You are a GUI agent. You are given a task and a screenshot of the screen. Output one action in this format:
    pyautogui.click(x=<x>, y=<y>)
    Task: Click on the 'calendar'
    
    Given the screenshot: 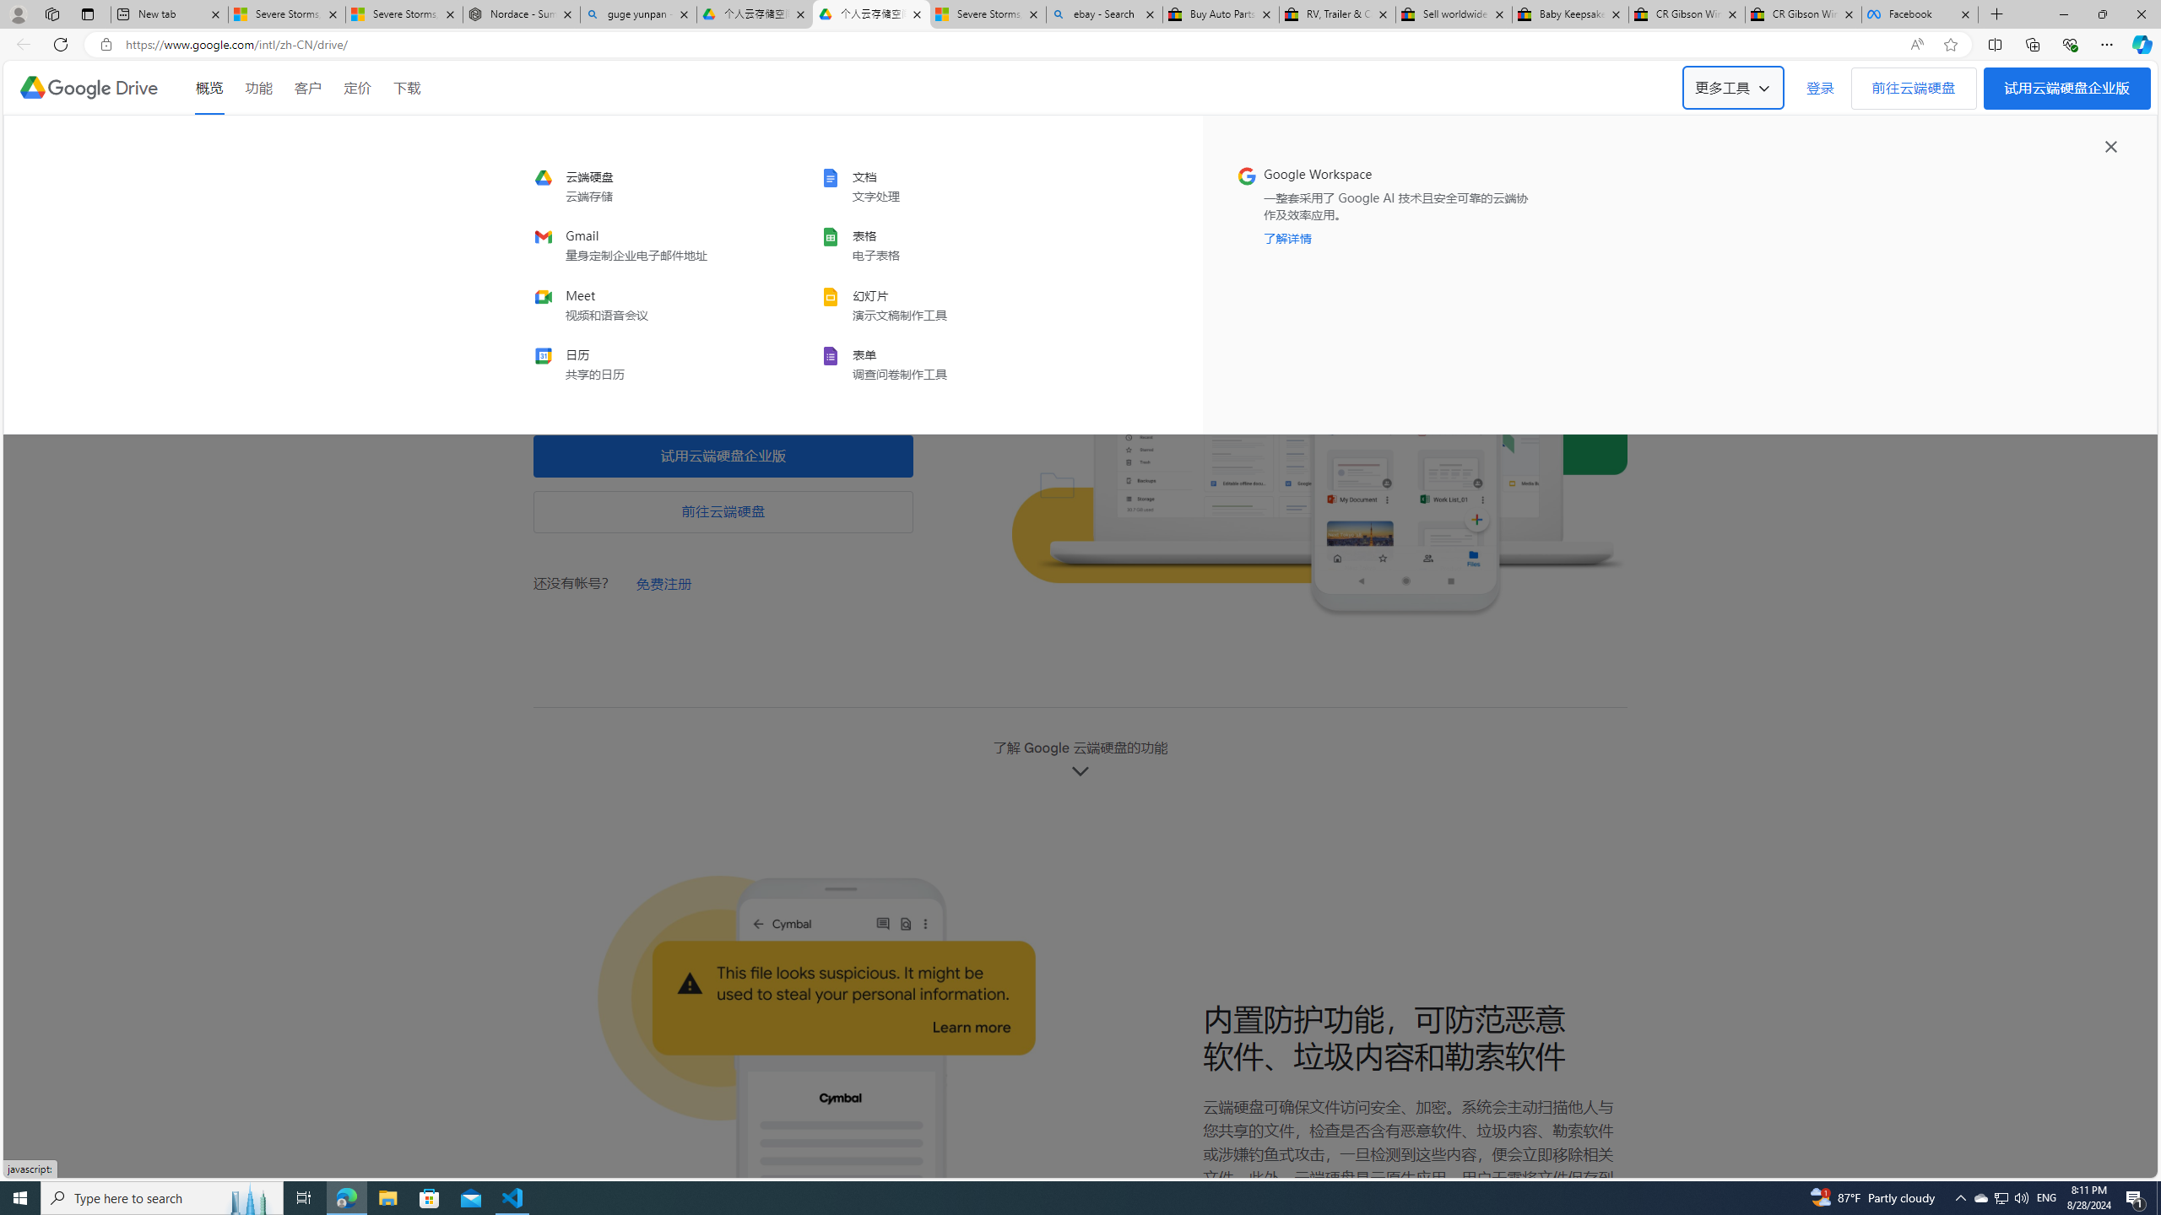 What is the action you would take?
    pyautogui.click(x=647, y=363)
    